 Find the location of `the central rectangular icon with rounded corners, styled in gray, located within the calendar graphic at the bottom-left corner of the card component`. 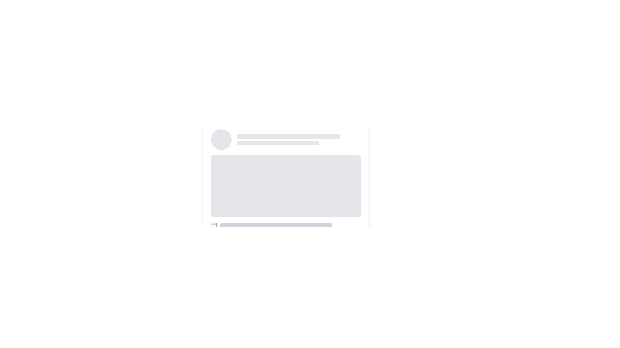

the central rectangular icon with rounded corners, styled in gray, located within the calendar graphic at the bottom-left corner of the card component is located at coordinates (214, 225).